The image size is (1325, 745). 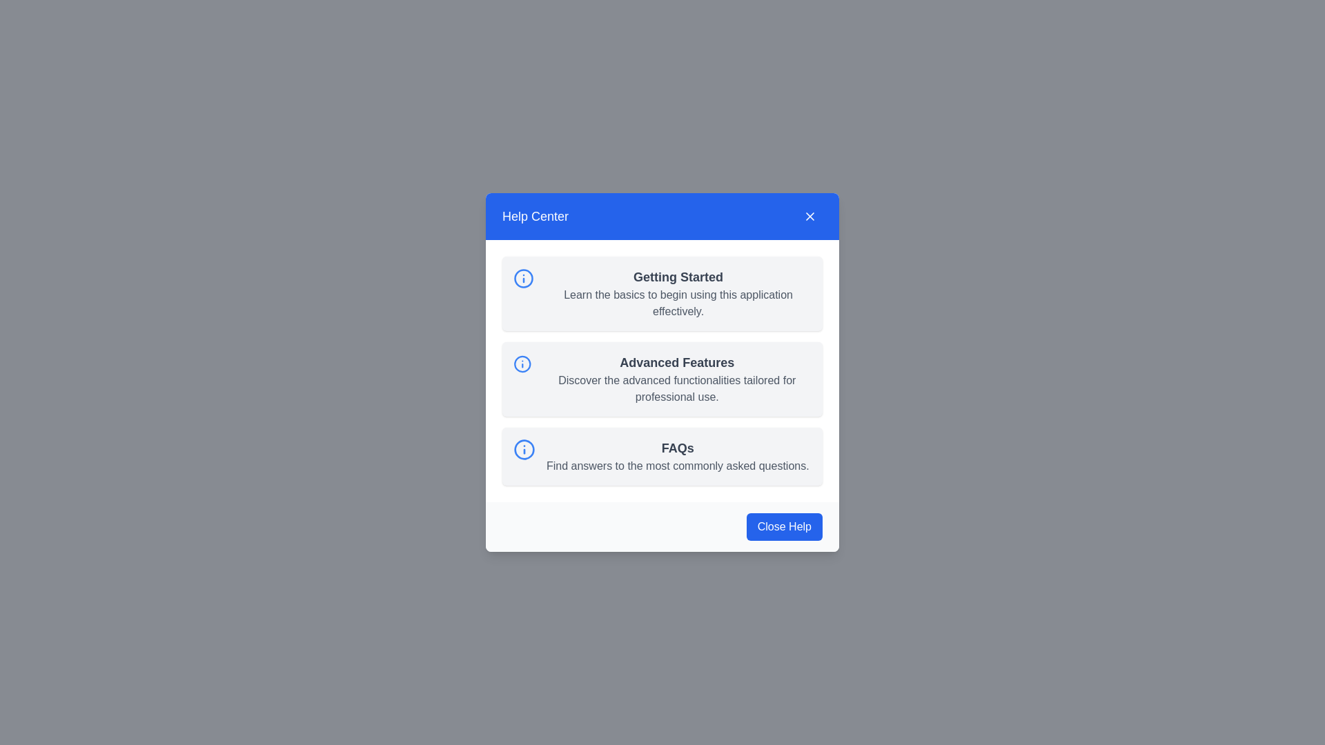 I want to click on the static text element that describes how to effectively use the application, located below the 'Getting Started' header in the dialog box with a light gray background and a blue header, so click(x=678, y=302).